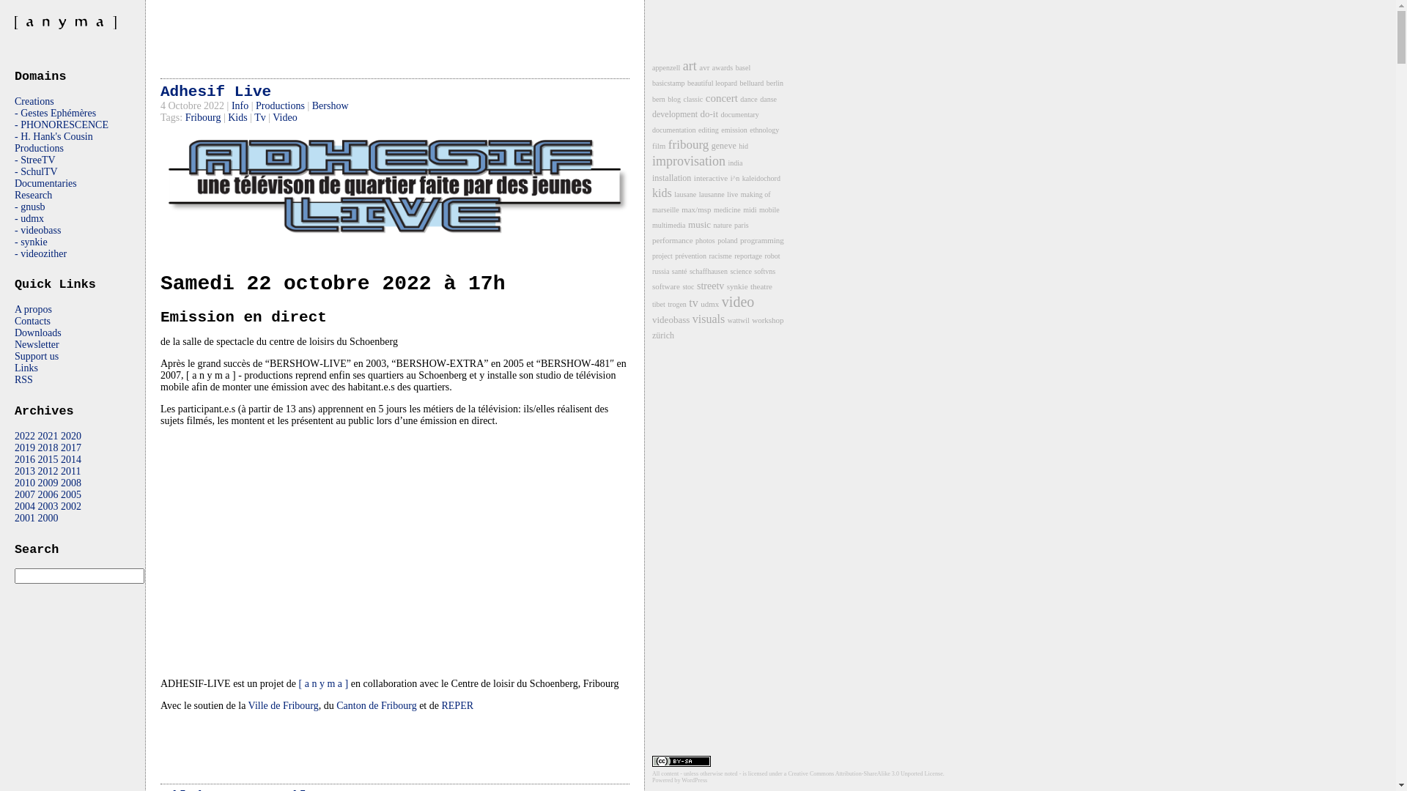  Describe the element at coordinates (36, 171) in the screenshot. I see `'- SchulTV'` at that location.